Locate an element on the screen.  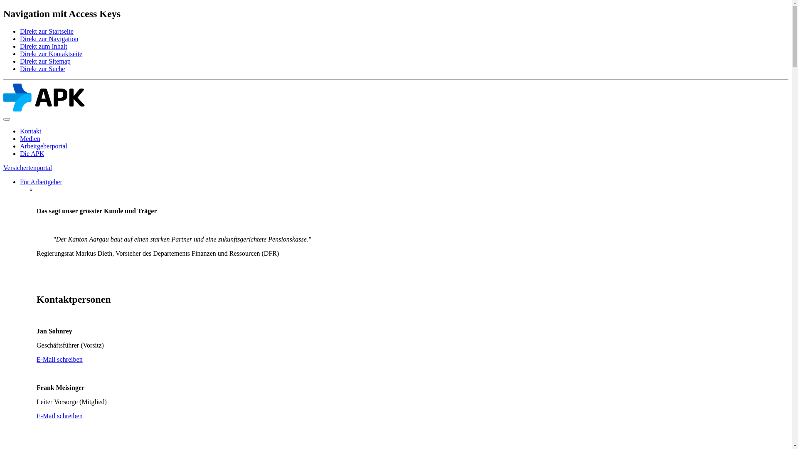
' ' is located at coordinates (37, 281).